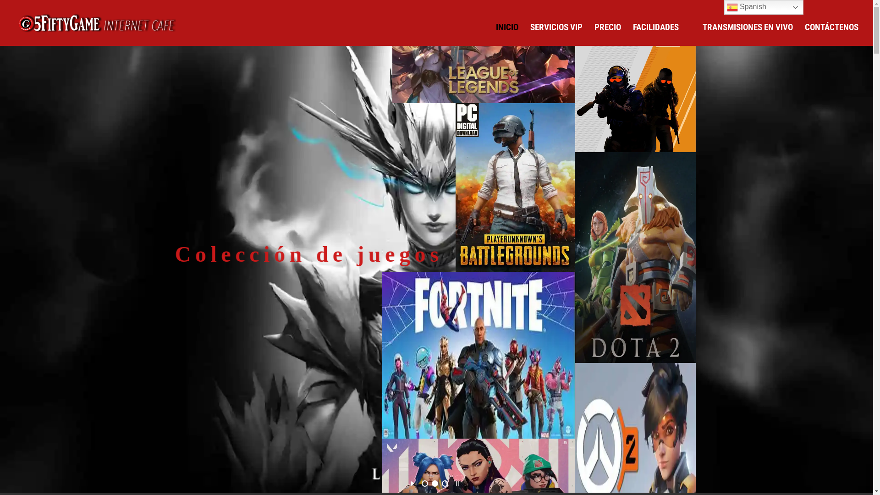 Image resolution: width=880 pixels, height=495 pixels. What do you see at coordinates (594, 34) in the screenshot?
I see `'PRECIO'` at bounding box center [594, 34].